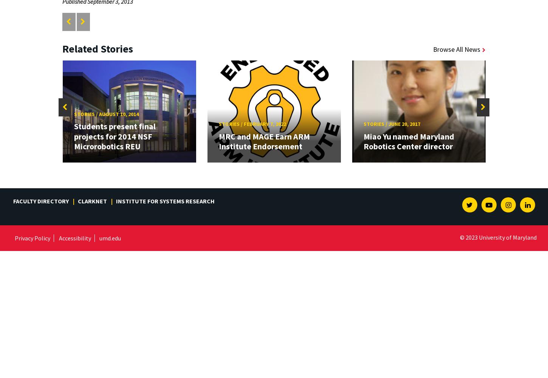 Image resolution: width=548 pixels, height=378 pixels. What do you see at coordinates (41, 201) in the screenshot?
I see `'Faculty Directory'` at bounding box center [41, 201].